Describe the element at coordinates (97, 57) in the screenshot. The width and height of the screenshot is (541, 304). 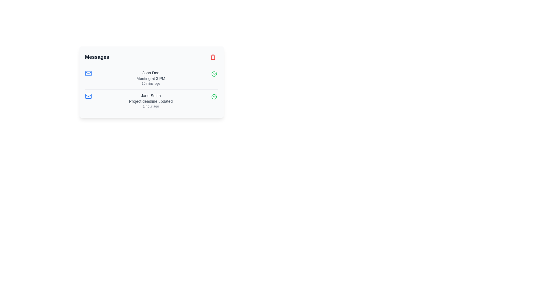
I see `on the bold, large-sized header text labeled 'Messages' which is positioned at the upper-left of a white card interface` at that location.